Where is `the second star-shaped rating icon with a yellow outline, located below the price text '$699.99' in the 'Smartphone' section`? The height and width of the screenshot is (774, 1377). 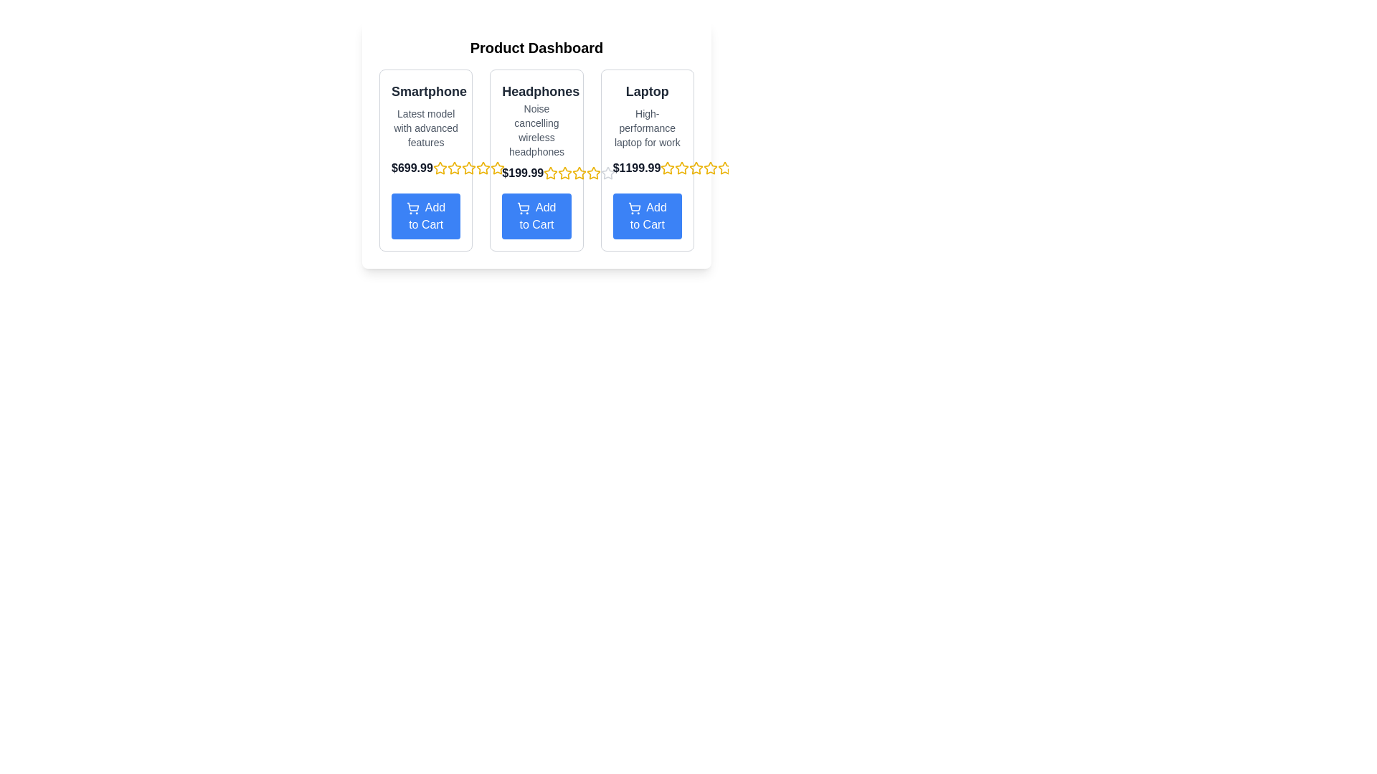 the second star-shaped rating icon with a yellow outline, located below the price text '$699.99' in the 'Smartphone' section is located at coordinates (453, 168).